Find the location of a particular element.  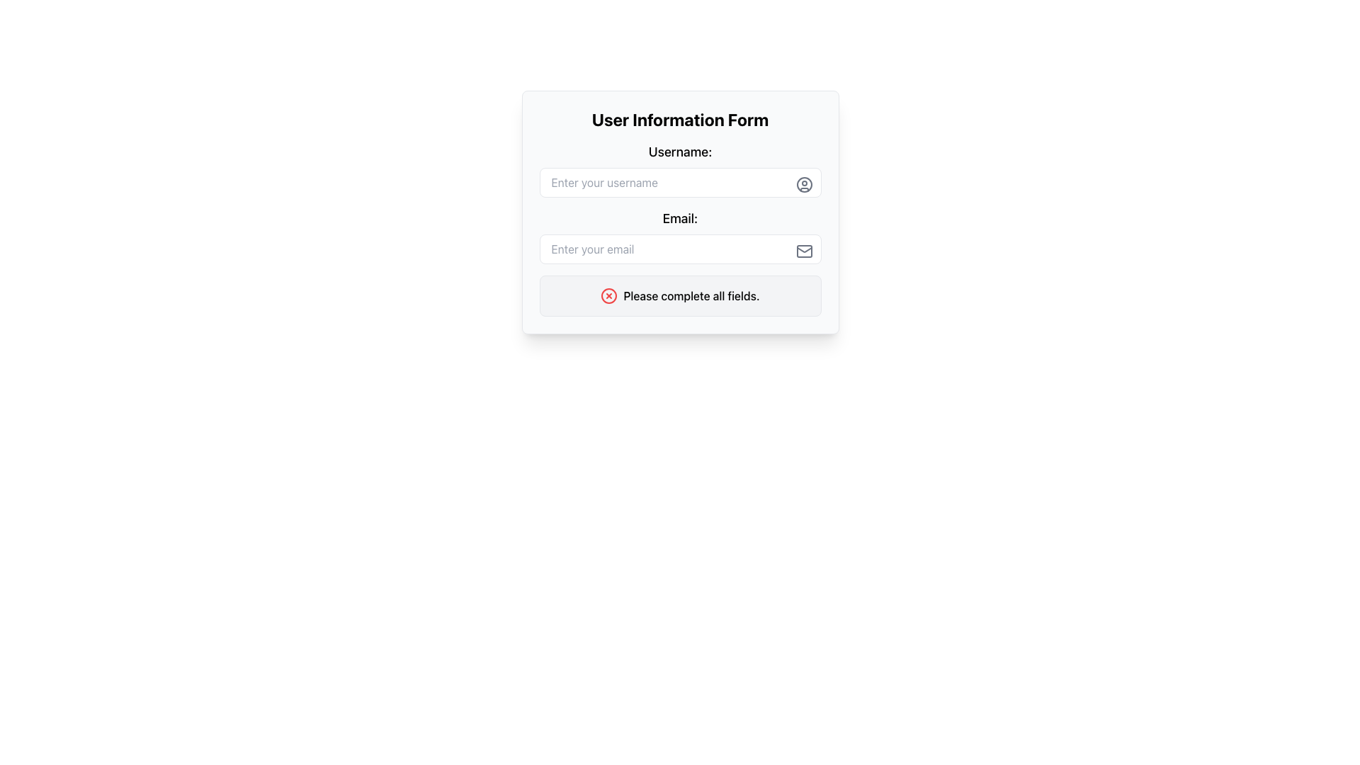

the error icon located to the left of the red error message text 'Please complete all fields' in the 'User Information Form.' is located at coordinates (609, 295).